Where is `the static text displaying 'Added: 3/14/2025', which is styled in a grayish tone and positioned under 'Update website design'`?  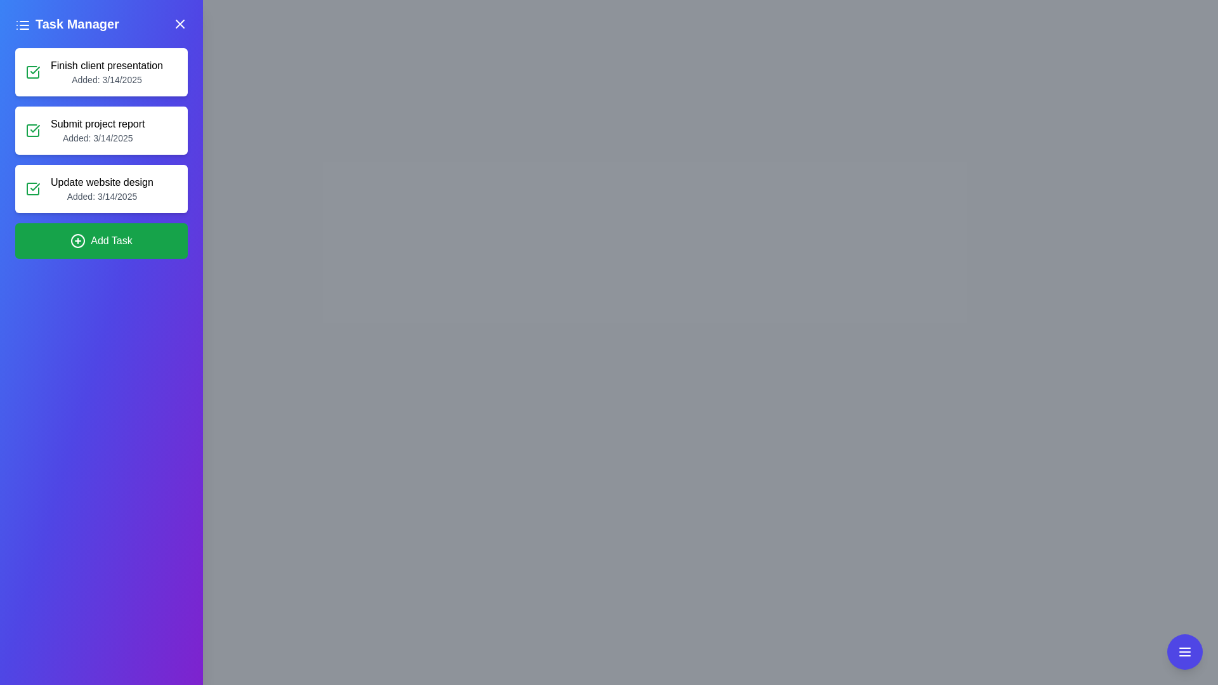 the static text displaying 'Added: 3/14/2025', which is styled in a grayish tone and positioned under 'Update website design' is located at coordinates (101, 196).